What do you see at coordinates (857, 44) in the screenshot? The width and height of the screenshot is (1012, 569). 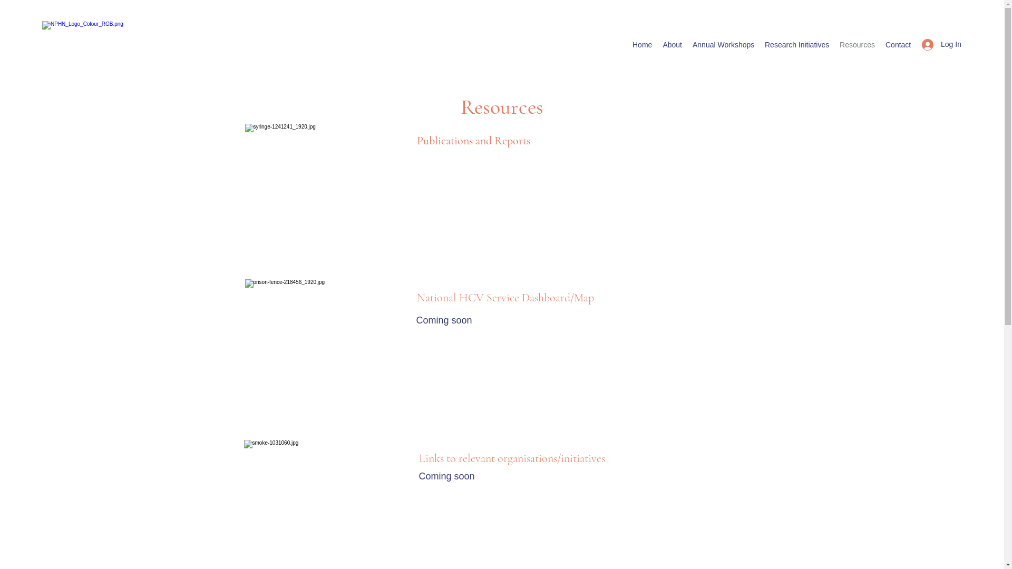 I see `'Resources'` at bounding box center [857, 44].